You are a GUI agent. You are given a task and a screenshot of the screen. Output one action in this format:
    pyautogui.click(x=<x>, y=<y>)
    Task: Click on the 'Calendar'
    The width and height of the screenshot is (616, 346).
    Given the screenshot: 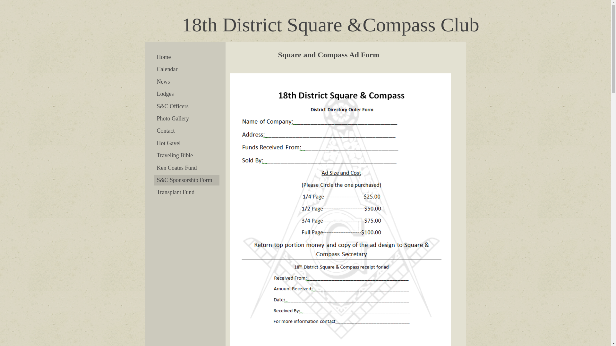 What is the action you would take?
    pyautogui.click(x=186, y=69)
    